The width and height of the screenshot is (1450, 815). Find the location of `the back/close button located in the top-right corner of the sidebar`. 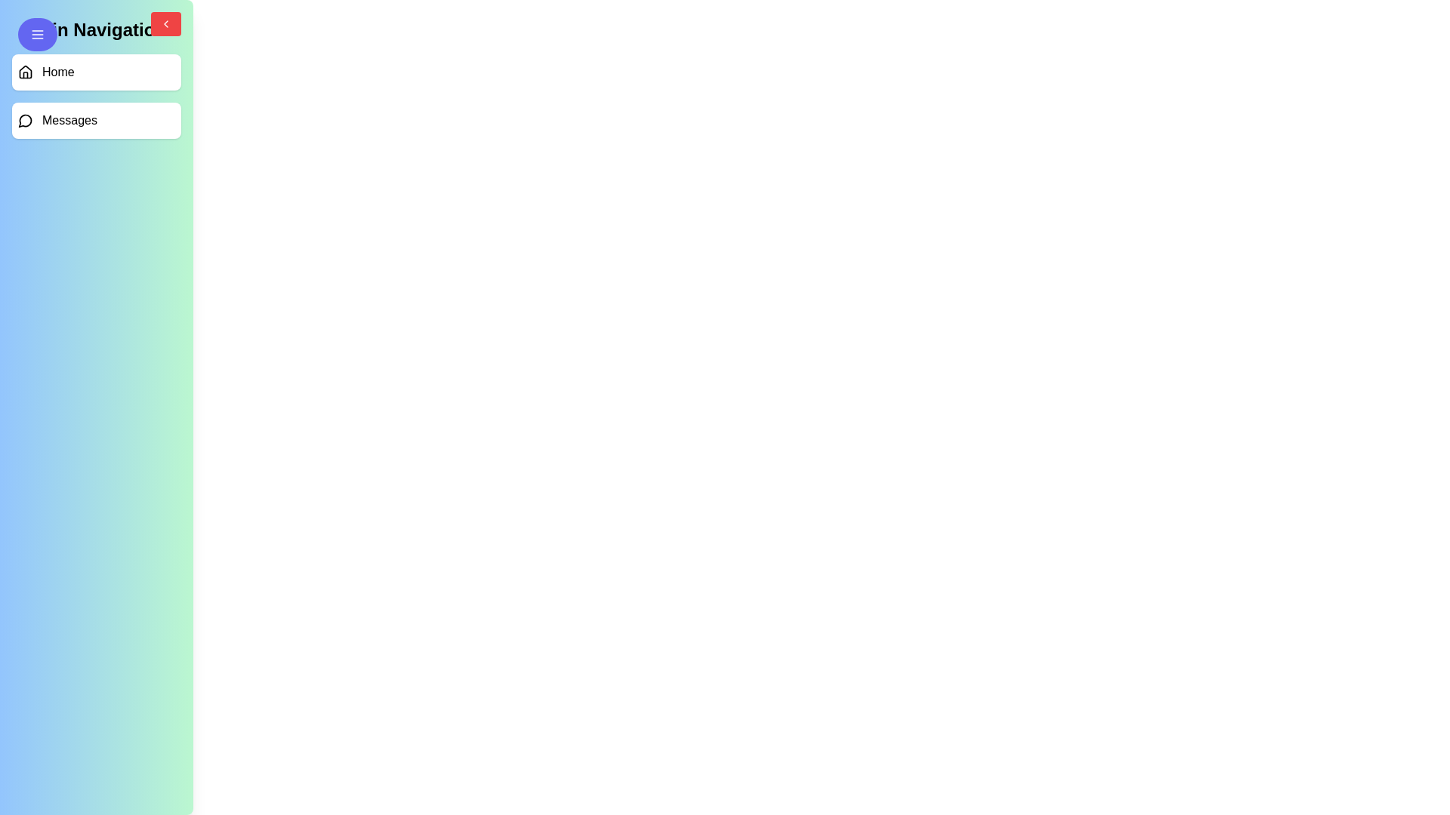

the back/close button located in the top-right corner of the sidebar is located at coordinates (166, 23).